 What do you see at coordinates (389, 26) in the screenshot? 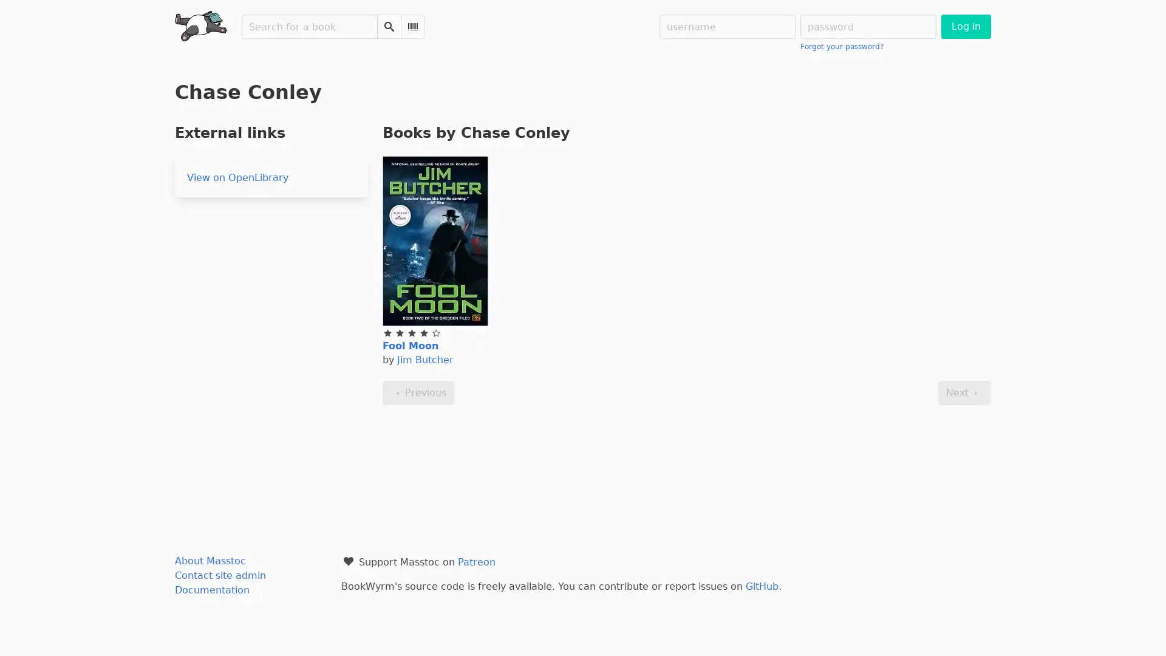
I see `Search` at bounding box center [389, 26].